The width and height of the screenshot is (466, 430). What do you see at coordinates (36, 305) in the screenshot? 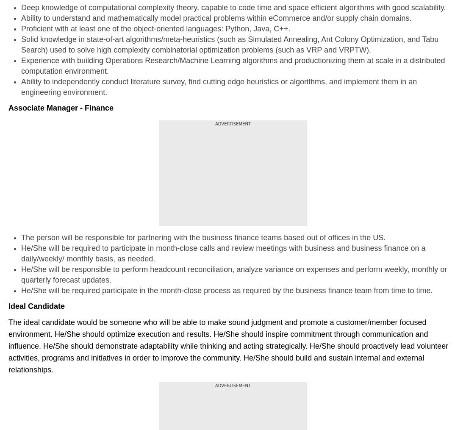
I see `'Ideal Candidate'` at bounding box center [36, 305].